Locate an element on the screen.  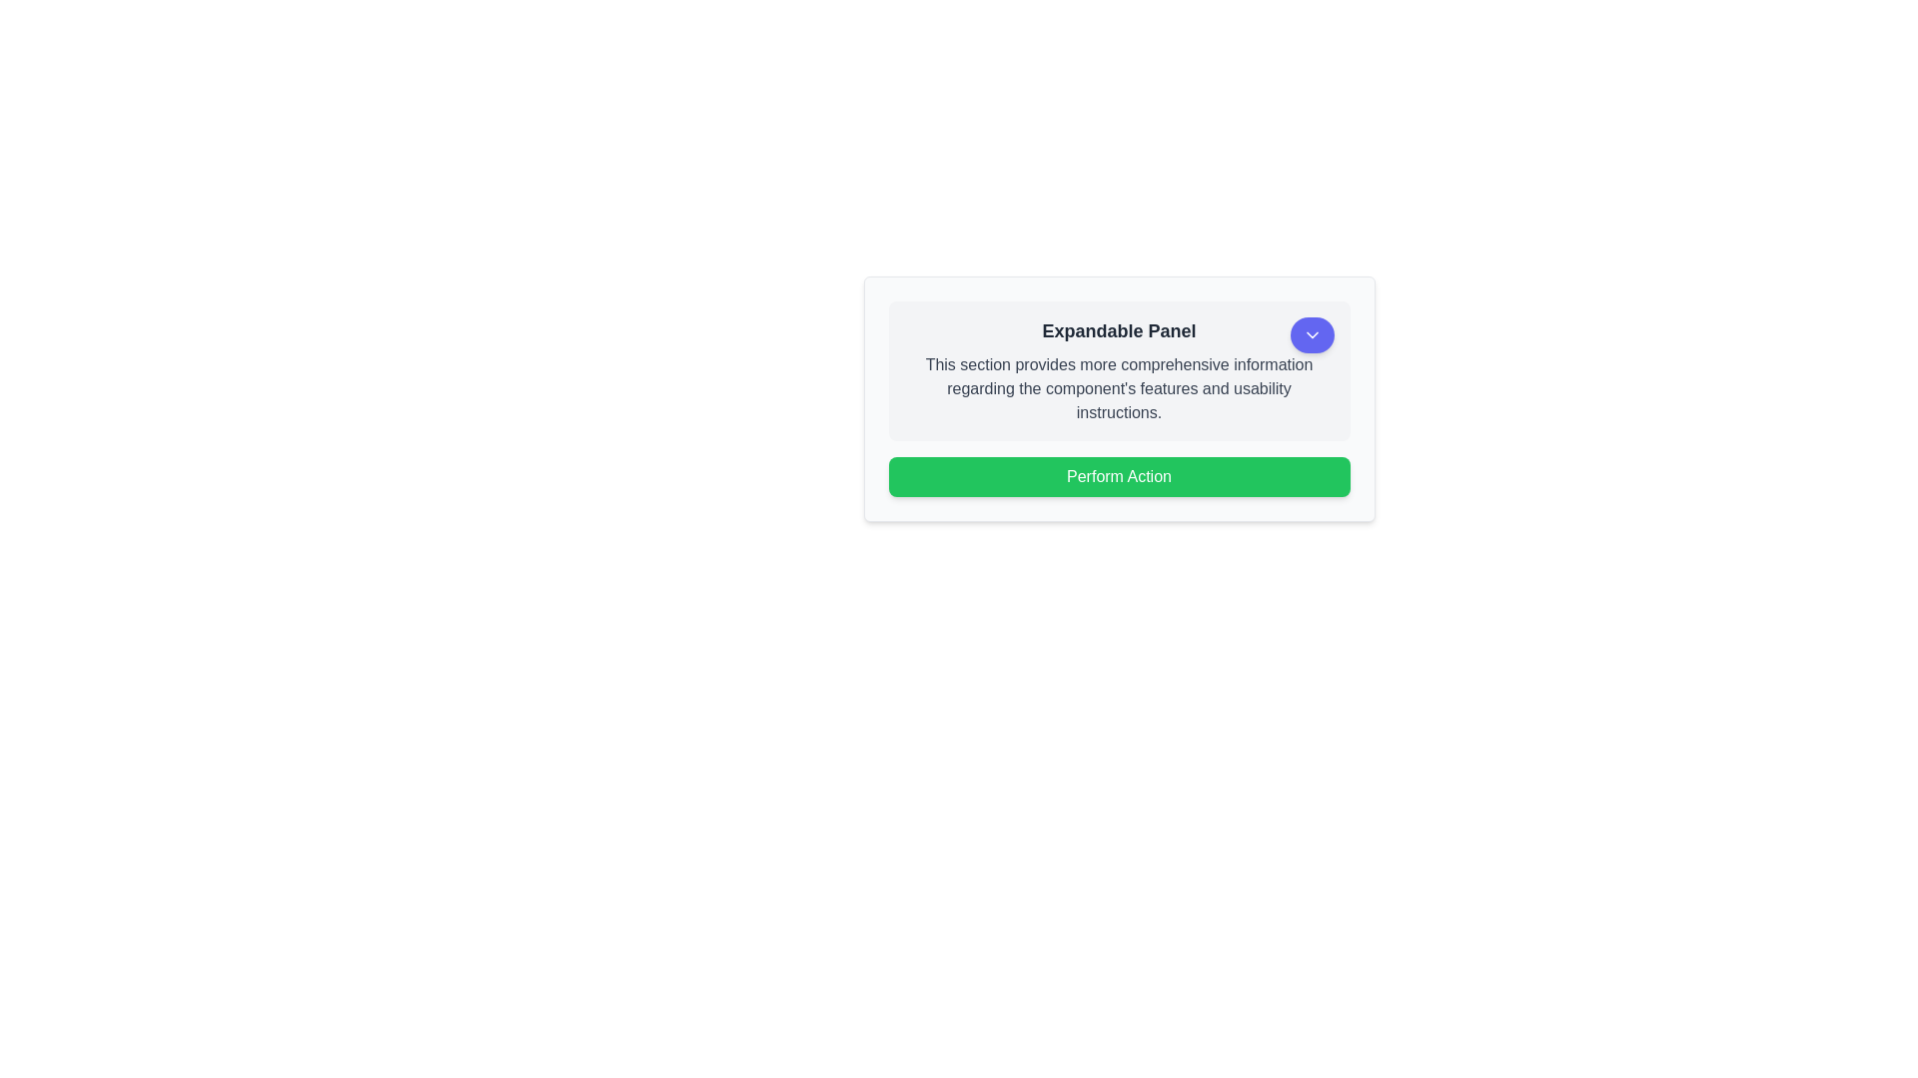
informational text block located inside the panel below the title 'Expandable Panel', which has a light gray background and rounded edges is located at coordinates (1119, 388).